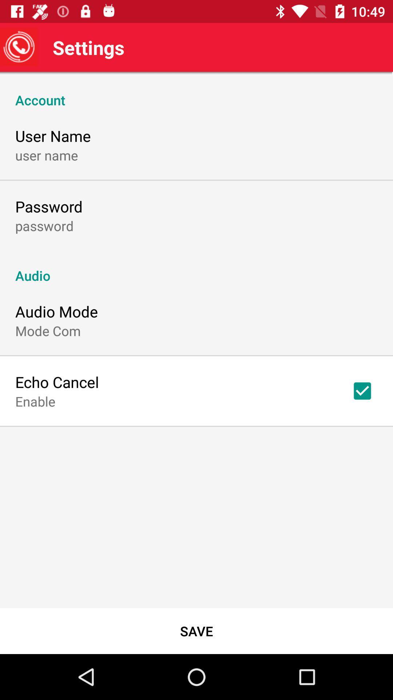 The width and height of the screenshot is (393, 700). I want to click on echo cancel item, so click(57, 381).